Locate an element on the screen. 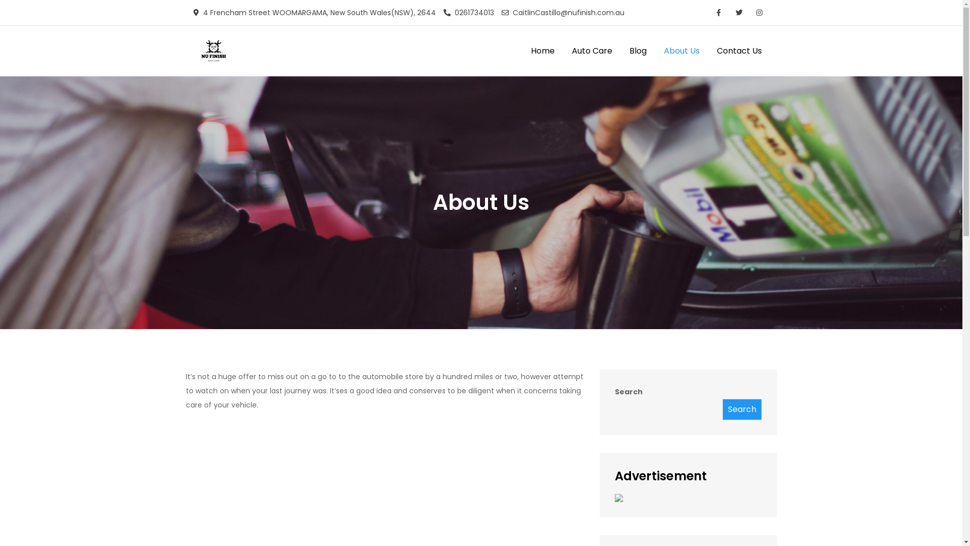 The height and width of the screenshot is (546, 970). 'About Us' is located at coordinates (681, 51).